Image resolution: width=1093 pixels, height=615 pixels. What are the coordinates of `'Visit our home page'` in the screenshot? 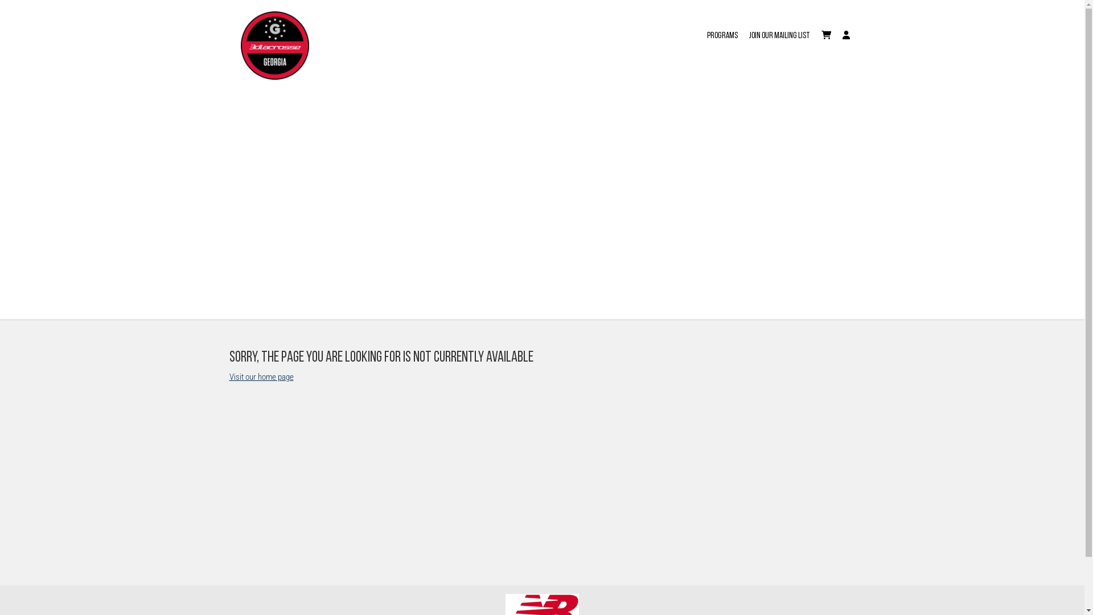 It's located at (260, 376).